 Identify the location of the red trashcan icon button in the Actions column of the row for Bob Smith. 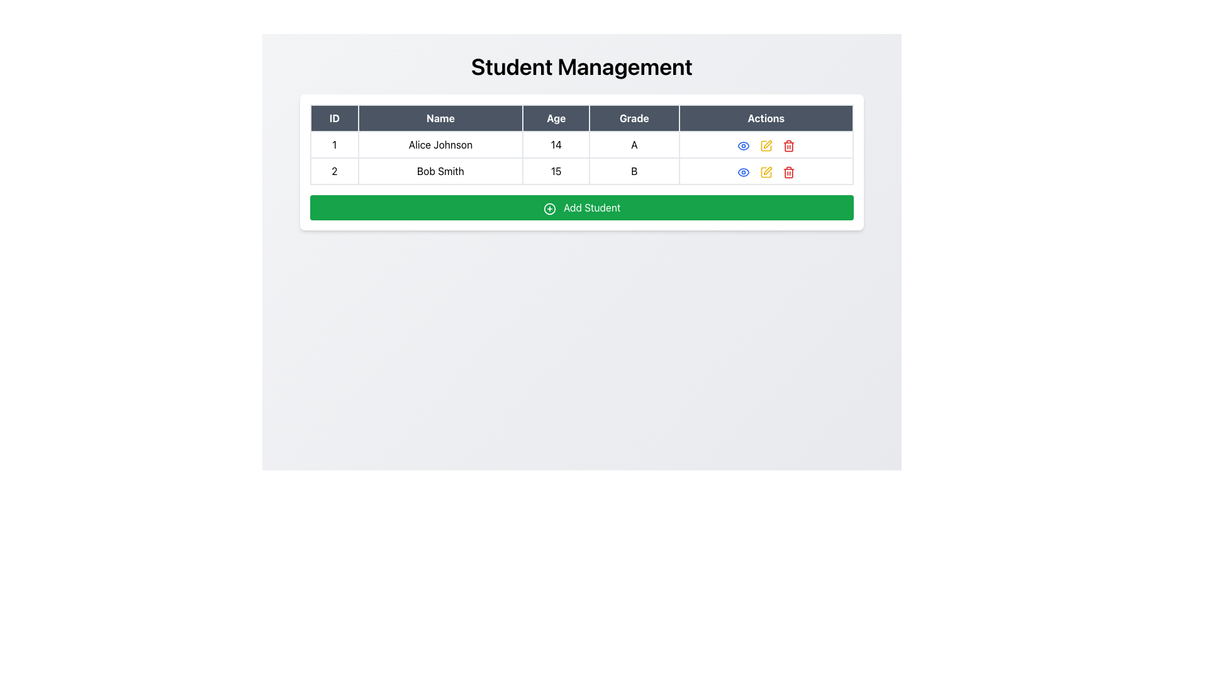
(788, 145).